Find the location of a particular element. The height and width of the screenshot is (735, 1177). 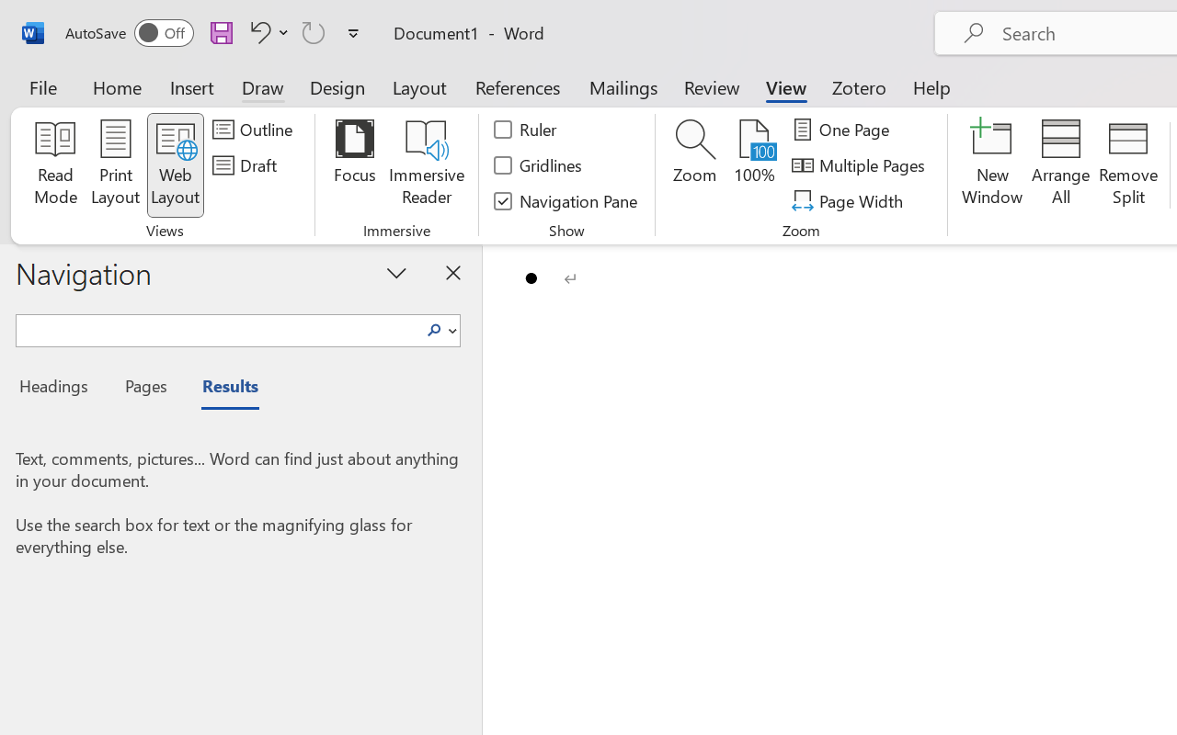

'Pages' is located at coordinates (143, 389).